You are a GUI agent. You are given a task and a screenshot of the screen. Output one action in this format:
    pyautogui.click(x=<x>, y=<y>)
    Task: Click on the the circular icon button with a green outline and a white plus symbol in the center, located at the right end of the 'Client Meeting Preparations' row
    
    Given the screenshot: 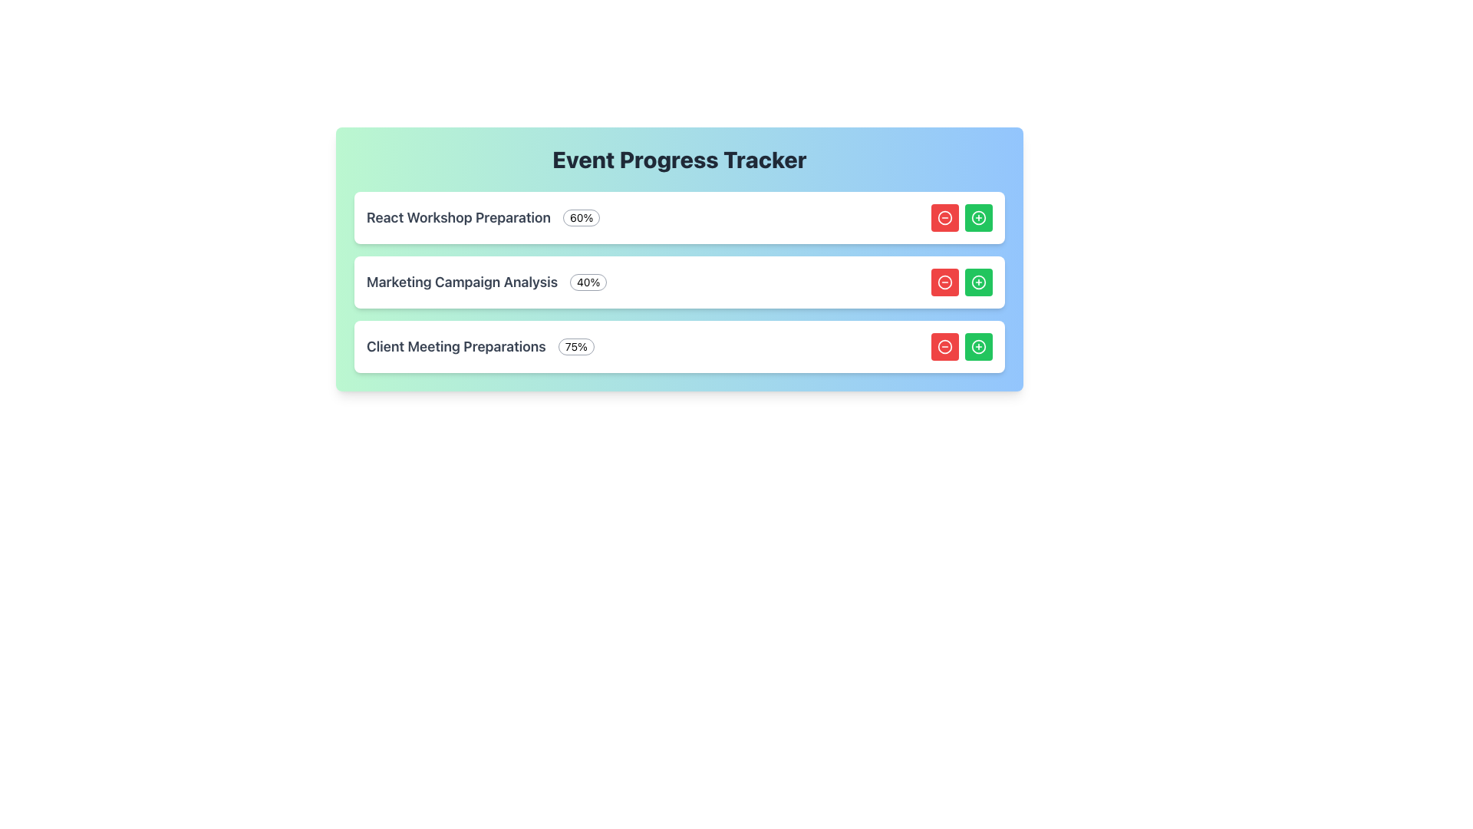 What is the action you would take?
    pyautogui.click(x=978, y=346)
    